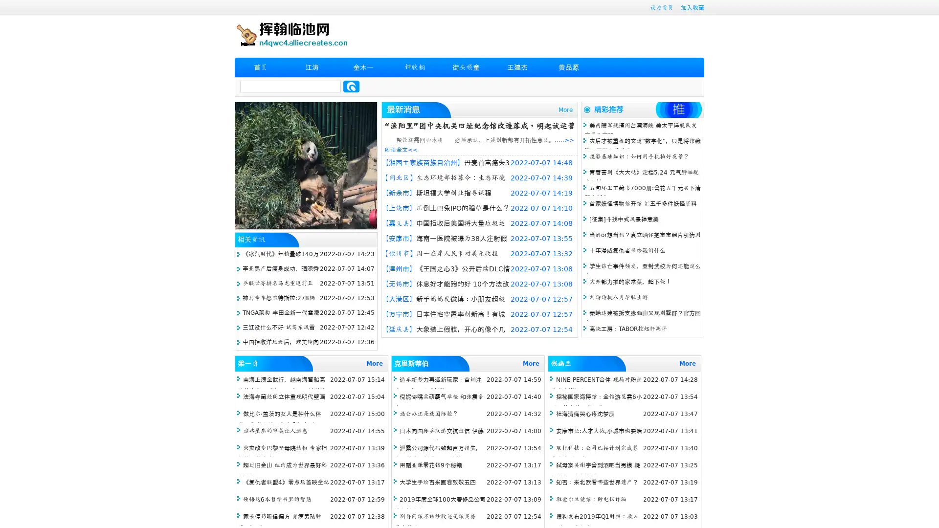  What do you see at coordinates (351, 86) in the screenshot?
I see `Search` at bounding box center [351, 86].